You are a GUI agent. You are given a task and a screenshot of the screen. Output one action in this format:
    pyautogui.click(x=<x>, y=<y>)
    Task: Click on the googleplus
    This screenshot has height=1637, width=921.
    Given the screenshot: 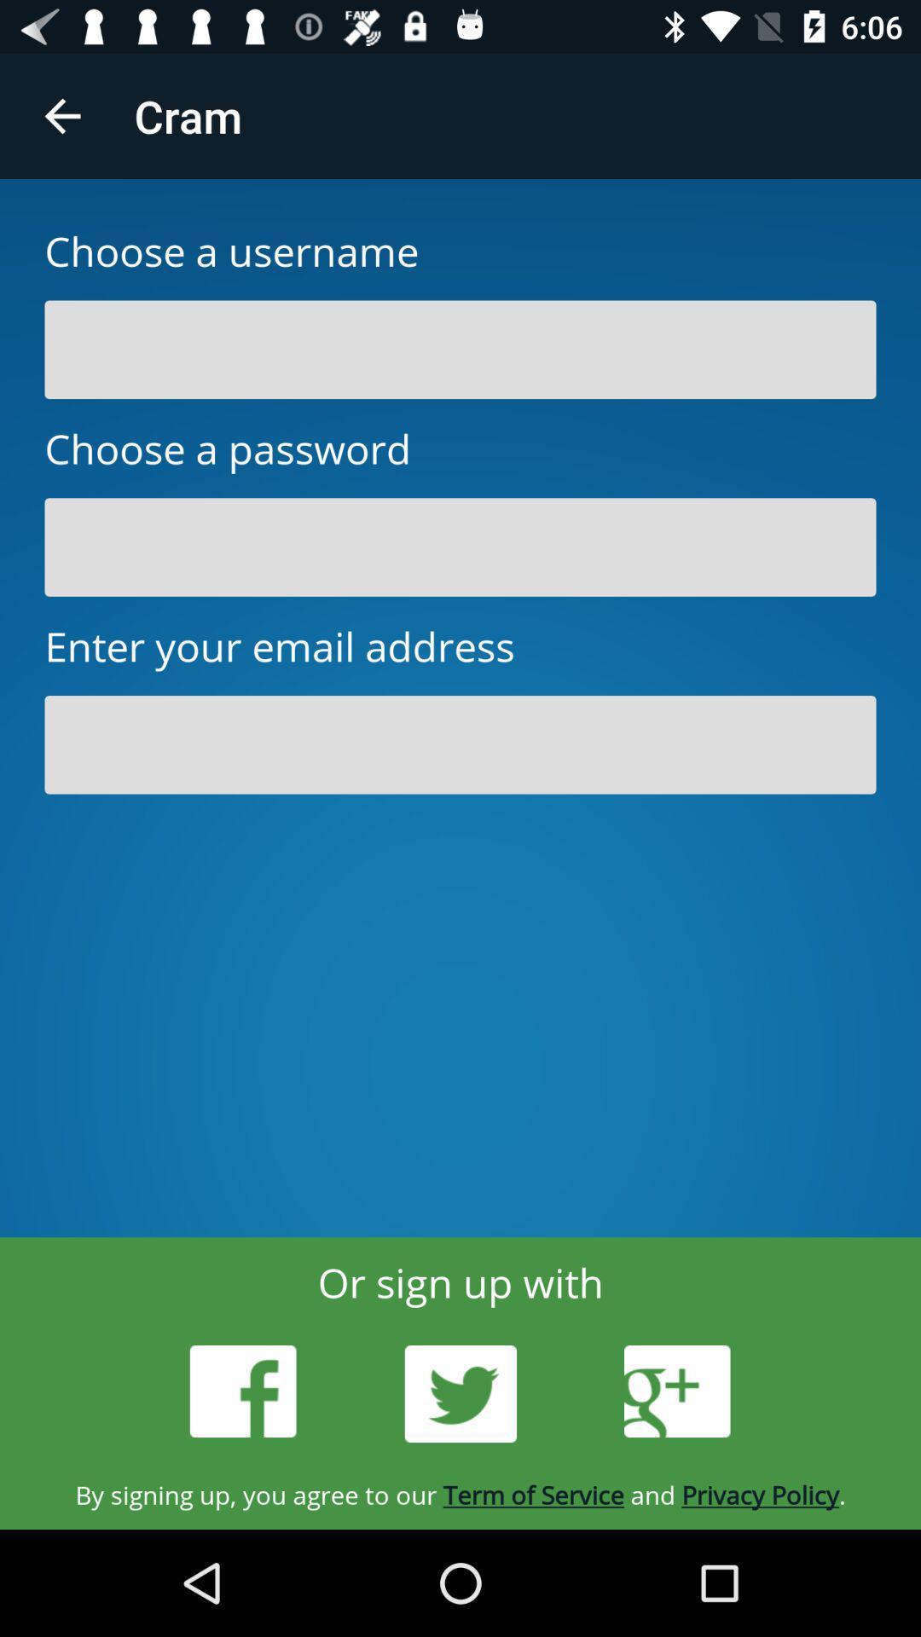 What is the action you would take?
    pyautogui.click(x=676, y=1391)
    